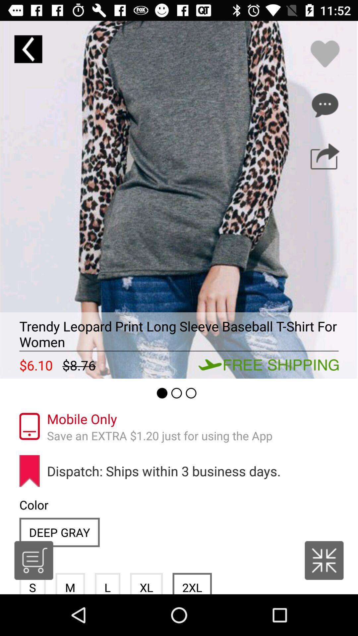 Image resolution: width=358 pixels, height=636 pixels. Describe the element at coordinates (192, 583) in the screenshot. I see `item next to xl` at that location.